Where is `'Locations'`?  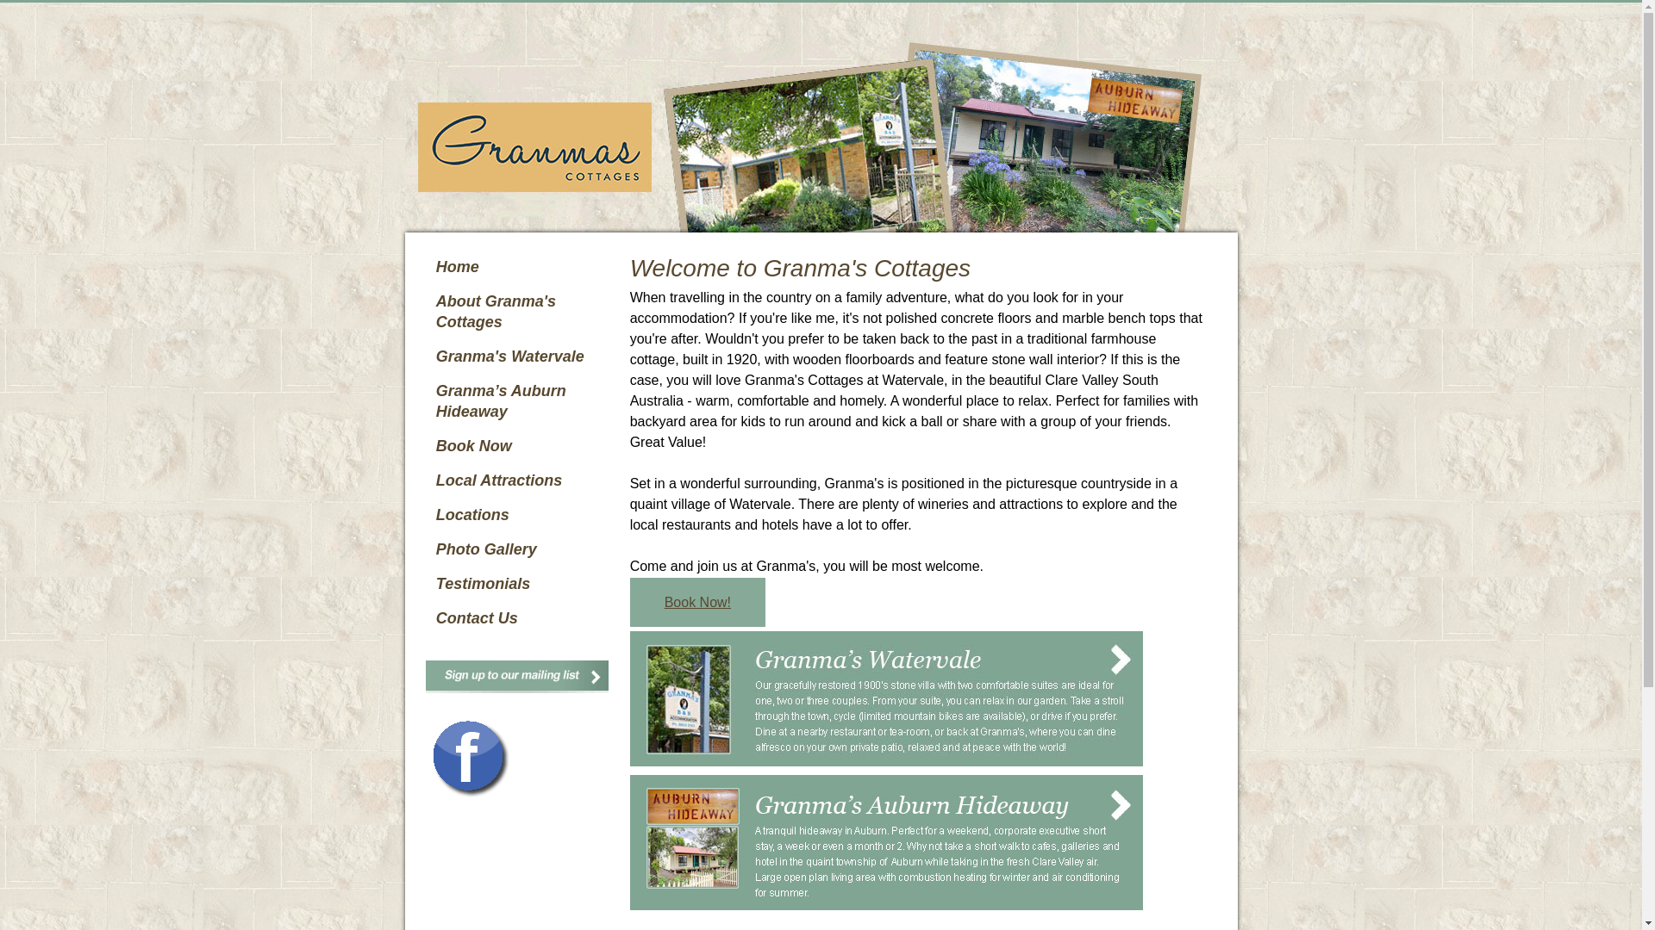
'Locations' is located at coordinates (520, 513).